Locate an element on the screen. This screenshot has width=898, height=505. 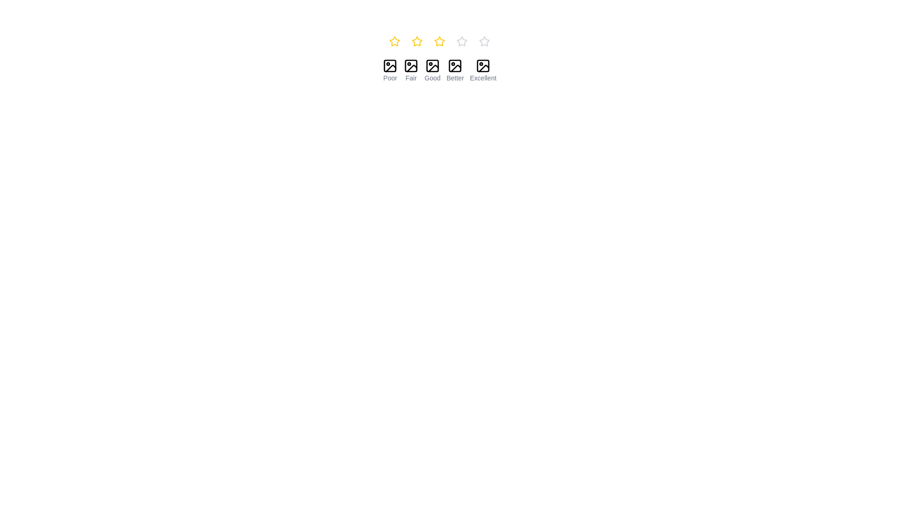
the second star icon in the horizontal sequence of five star icons to set a rating is located at coordinates (417, 41).